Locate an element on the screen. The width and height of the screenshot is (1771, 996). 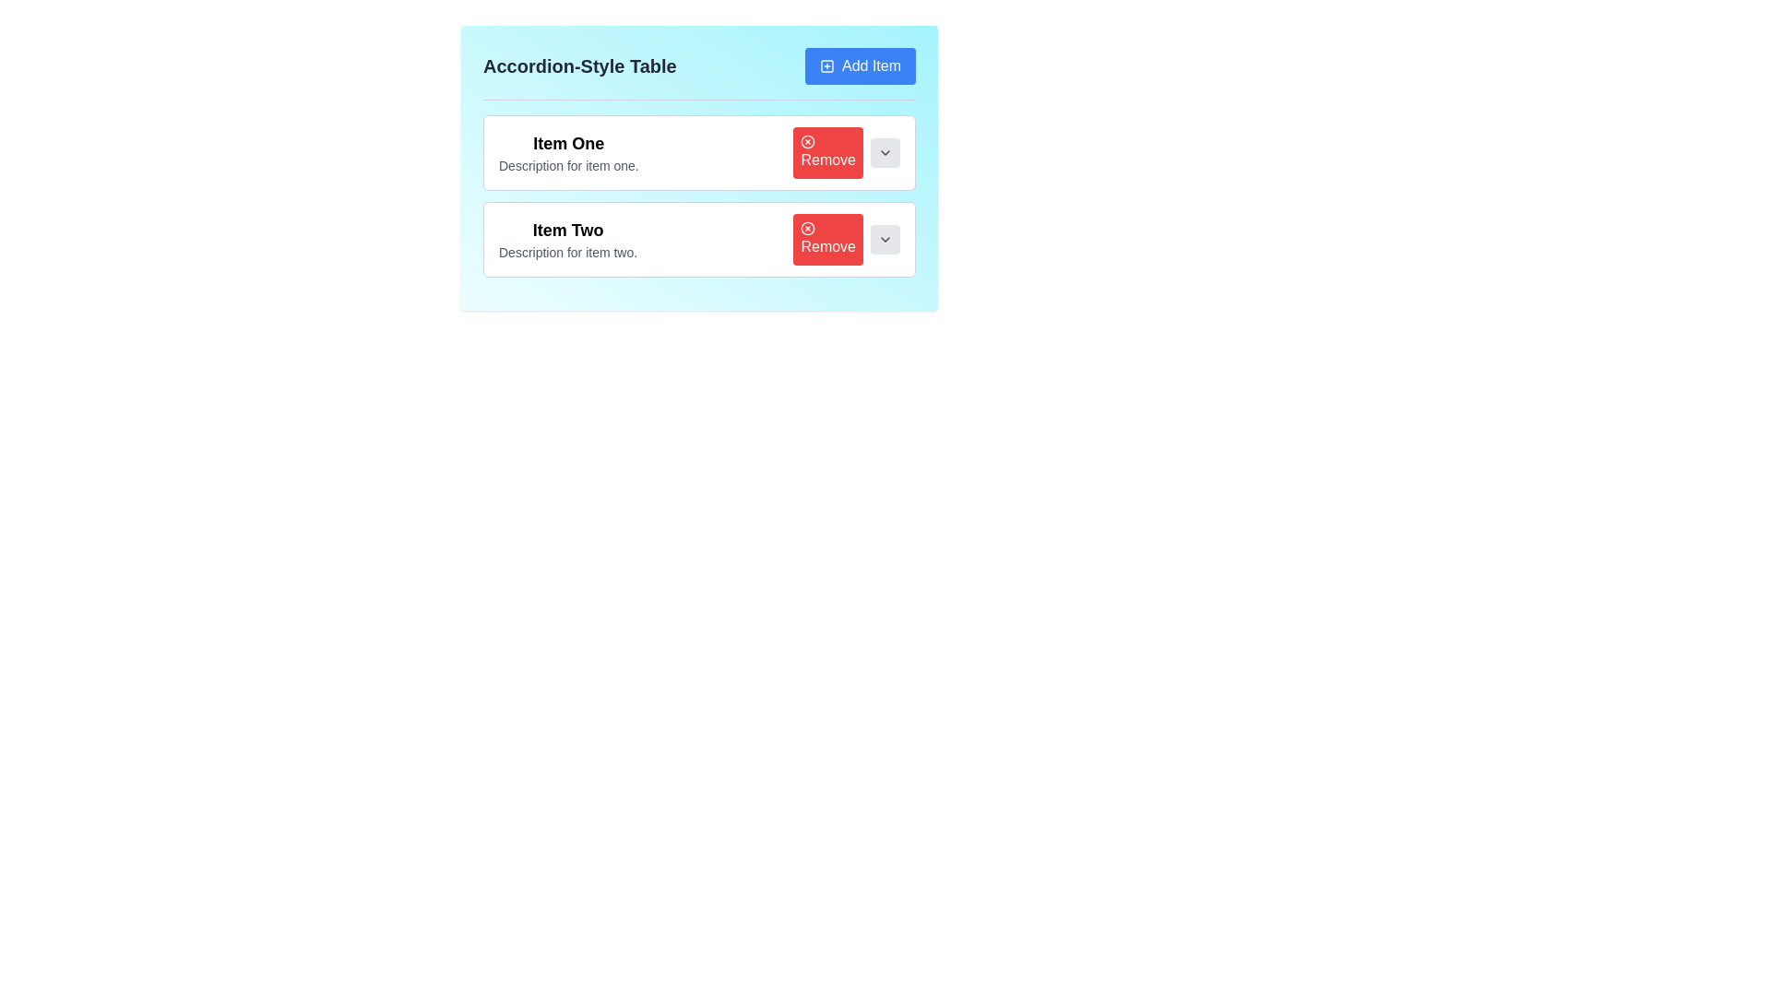
the chevron icon located to the right of the red 'Remove' button and horizontally aligned with the text label 'Item One' in the collapsible control is located at coordinates (885, 238).